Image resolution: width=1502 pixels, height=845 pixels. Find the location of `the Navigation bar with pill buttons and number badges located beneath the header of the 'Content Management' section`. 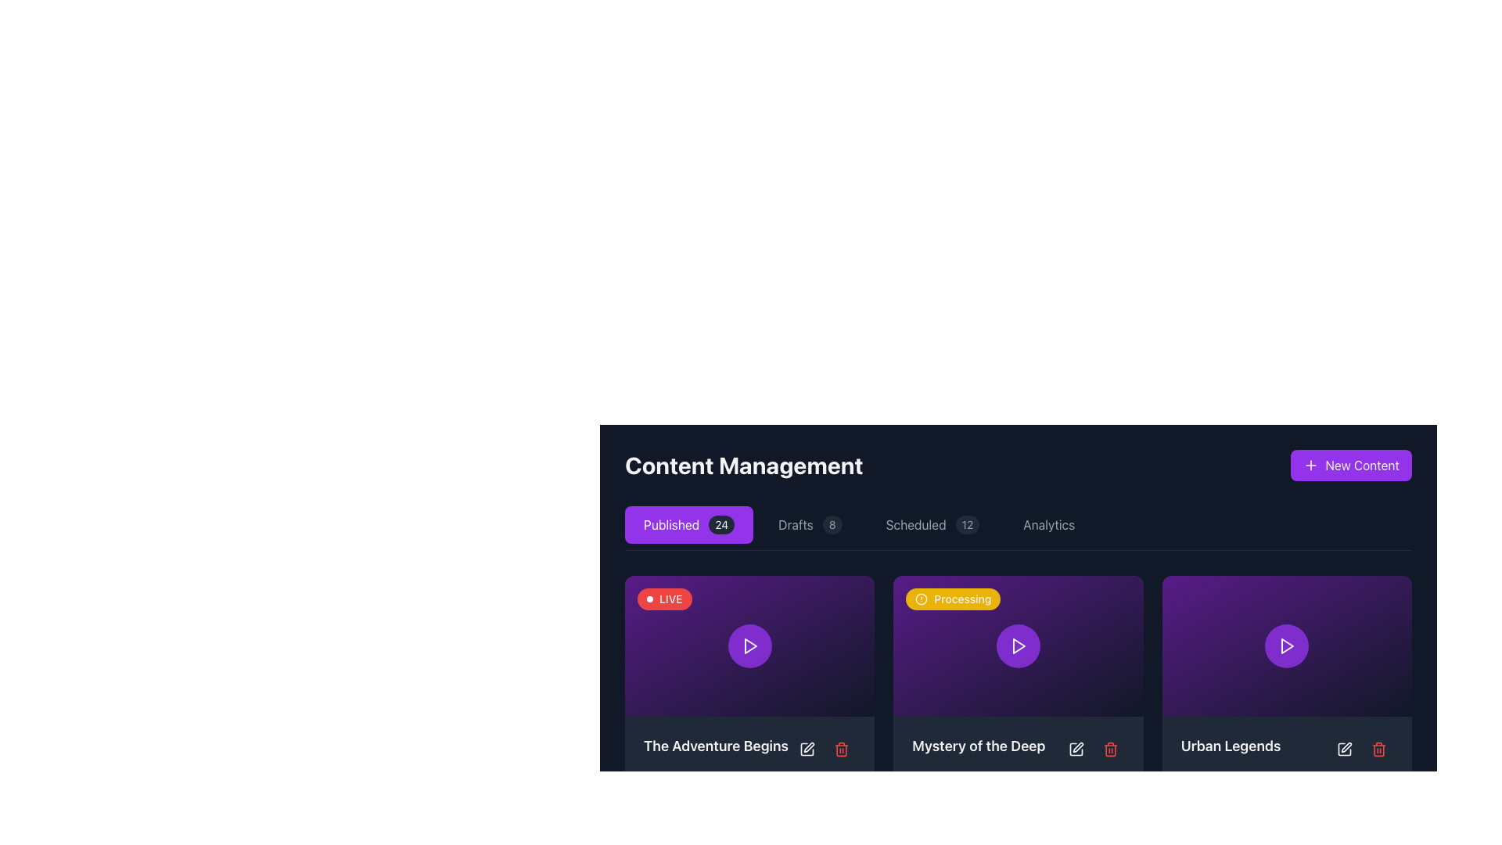

the Navigation bar with pill buttons and number badges located beneath the header of the 'Content Management' section is located at coordinates (1018, 528).